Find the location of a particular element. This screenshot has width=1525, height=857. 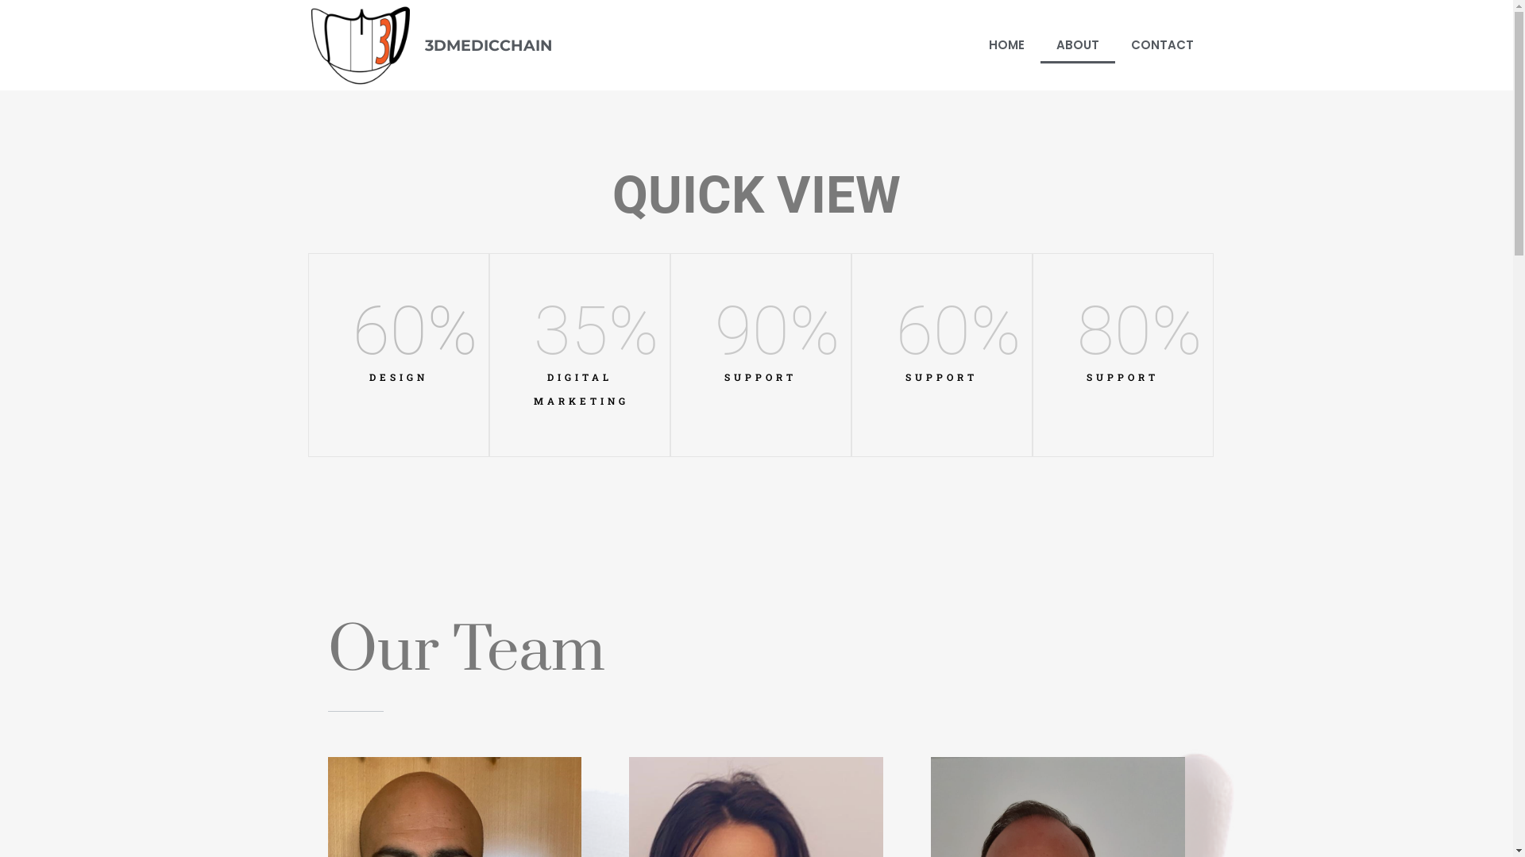

'CONTACT' is located at coordinates (1114, 44).